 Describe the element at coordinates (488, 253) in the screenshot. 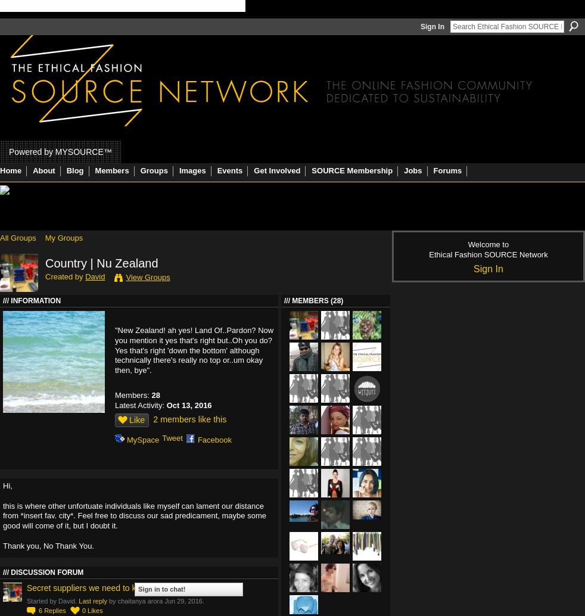

I see `'Ethical Fashion SOURCE Network'` at that location.